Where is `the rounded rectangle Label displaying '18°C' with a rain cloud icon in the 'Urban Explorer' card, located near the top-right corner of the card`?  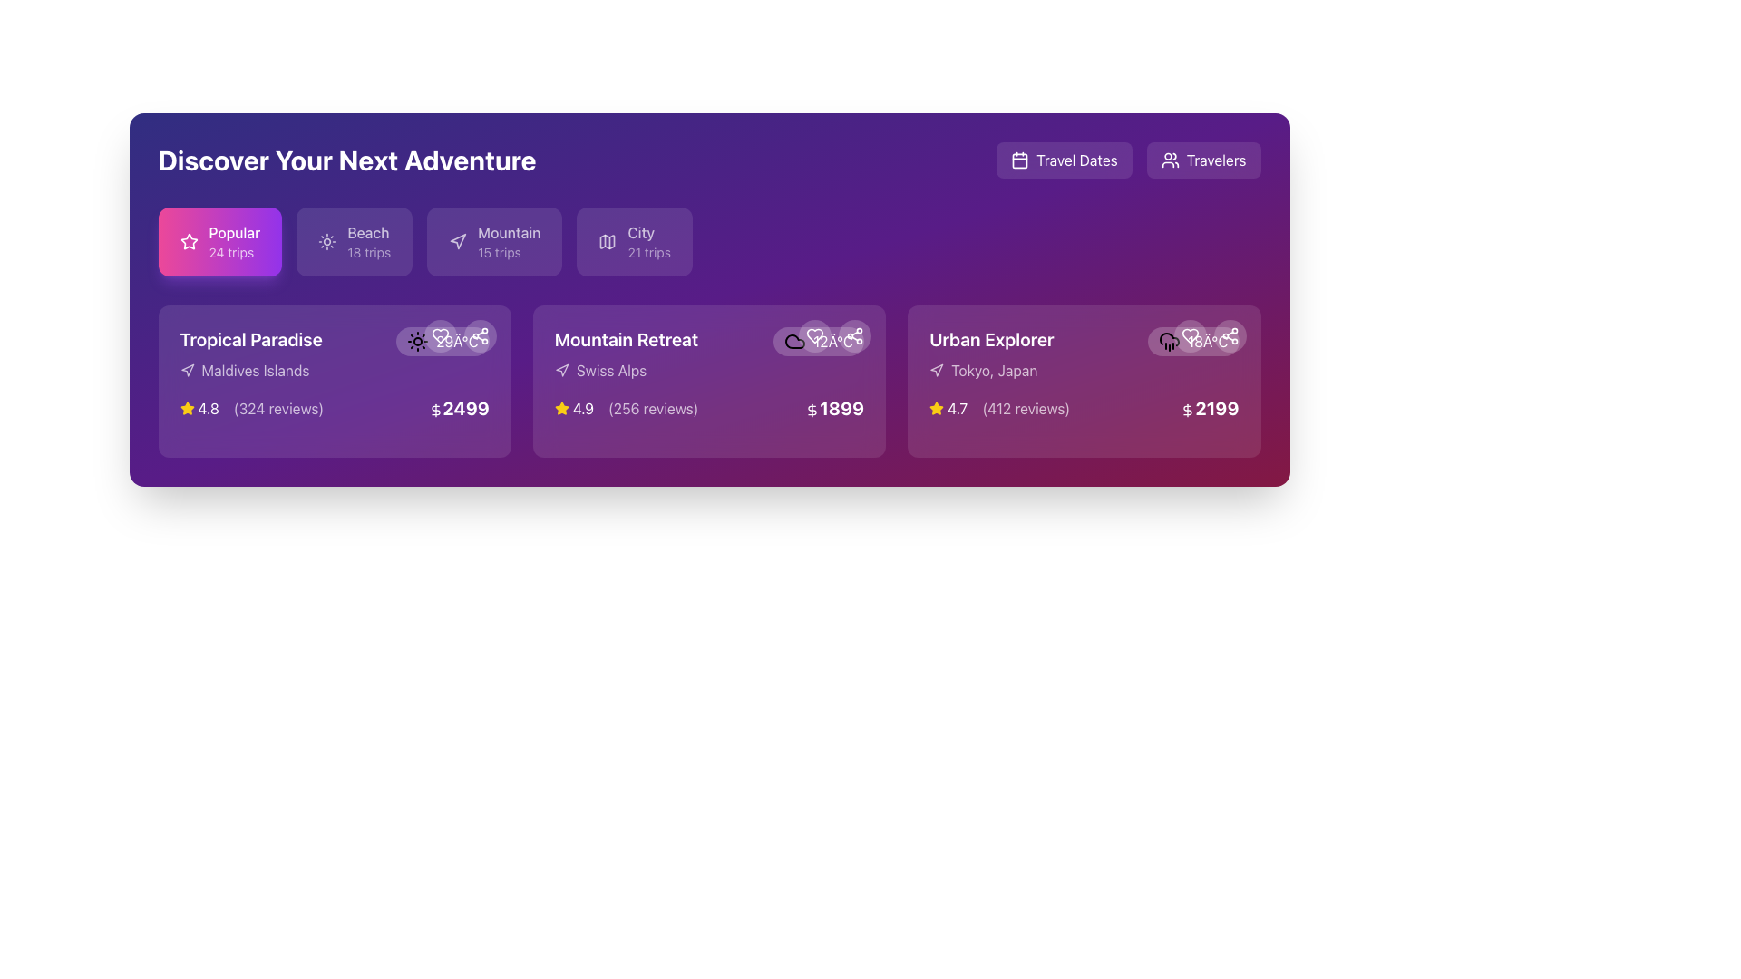
the rounded rectangle Label displaying '18°C' with a rain cloud icon in the 'Urban Explorer' card, located near the top-right corner of the card is located at coordinates (1193, 342).